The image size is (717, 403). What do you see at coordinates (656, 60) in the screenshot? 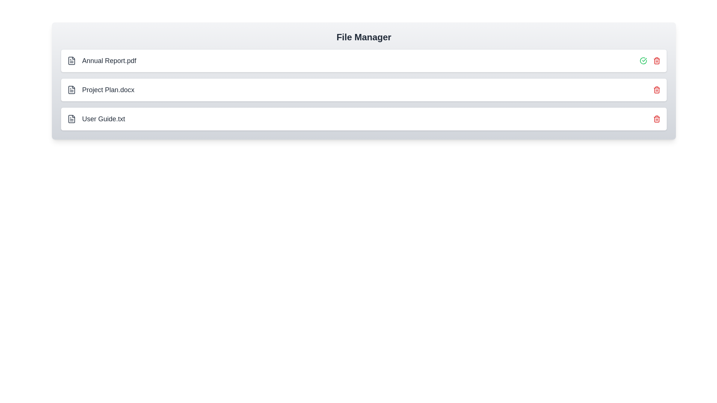
I see `the icon button on the far right of the action bar` at bounding box center [656, 60].